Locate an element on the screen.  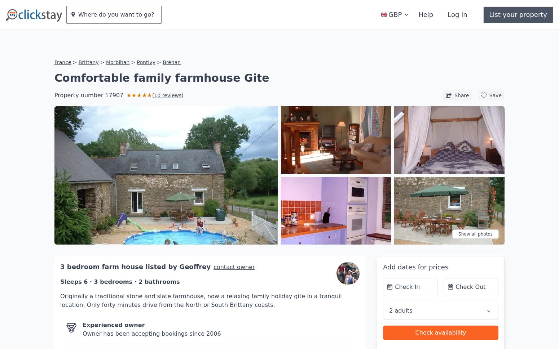
'3 bedroom' is located at coordinates (80, 245).